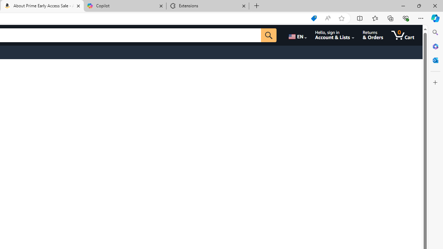 The height and width of the screenshot is (249, 443). I want to click on 'Extensions', so click(207, 6).